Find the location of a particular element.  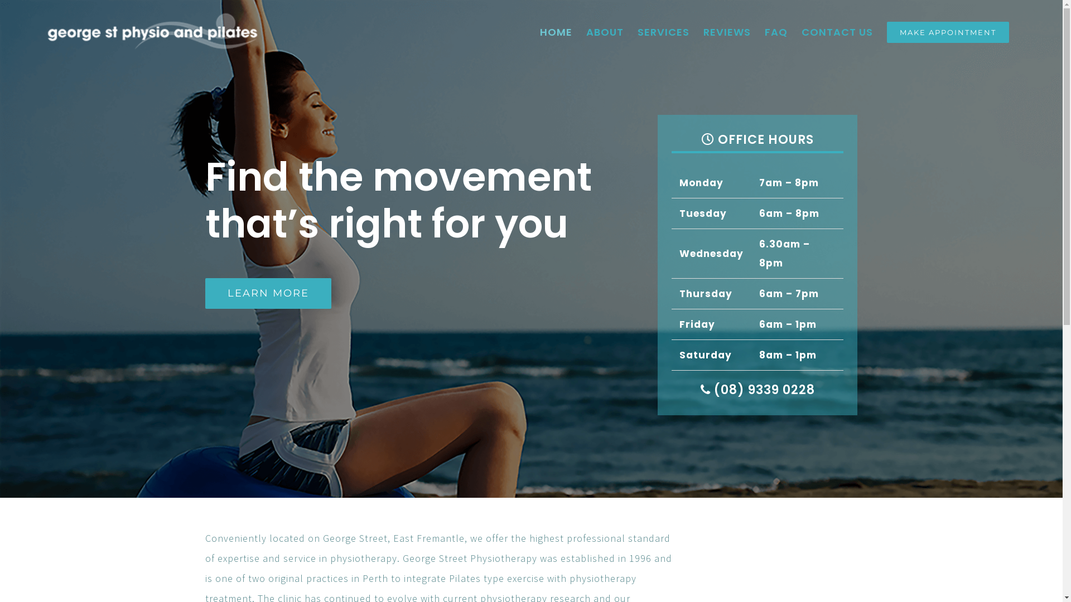

'LEARN MORE' is located at coordinates (268, 293).